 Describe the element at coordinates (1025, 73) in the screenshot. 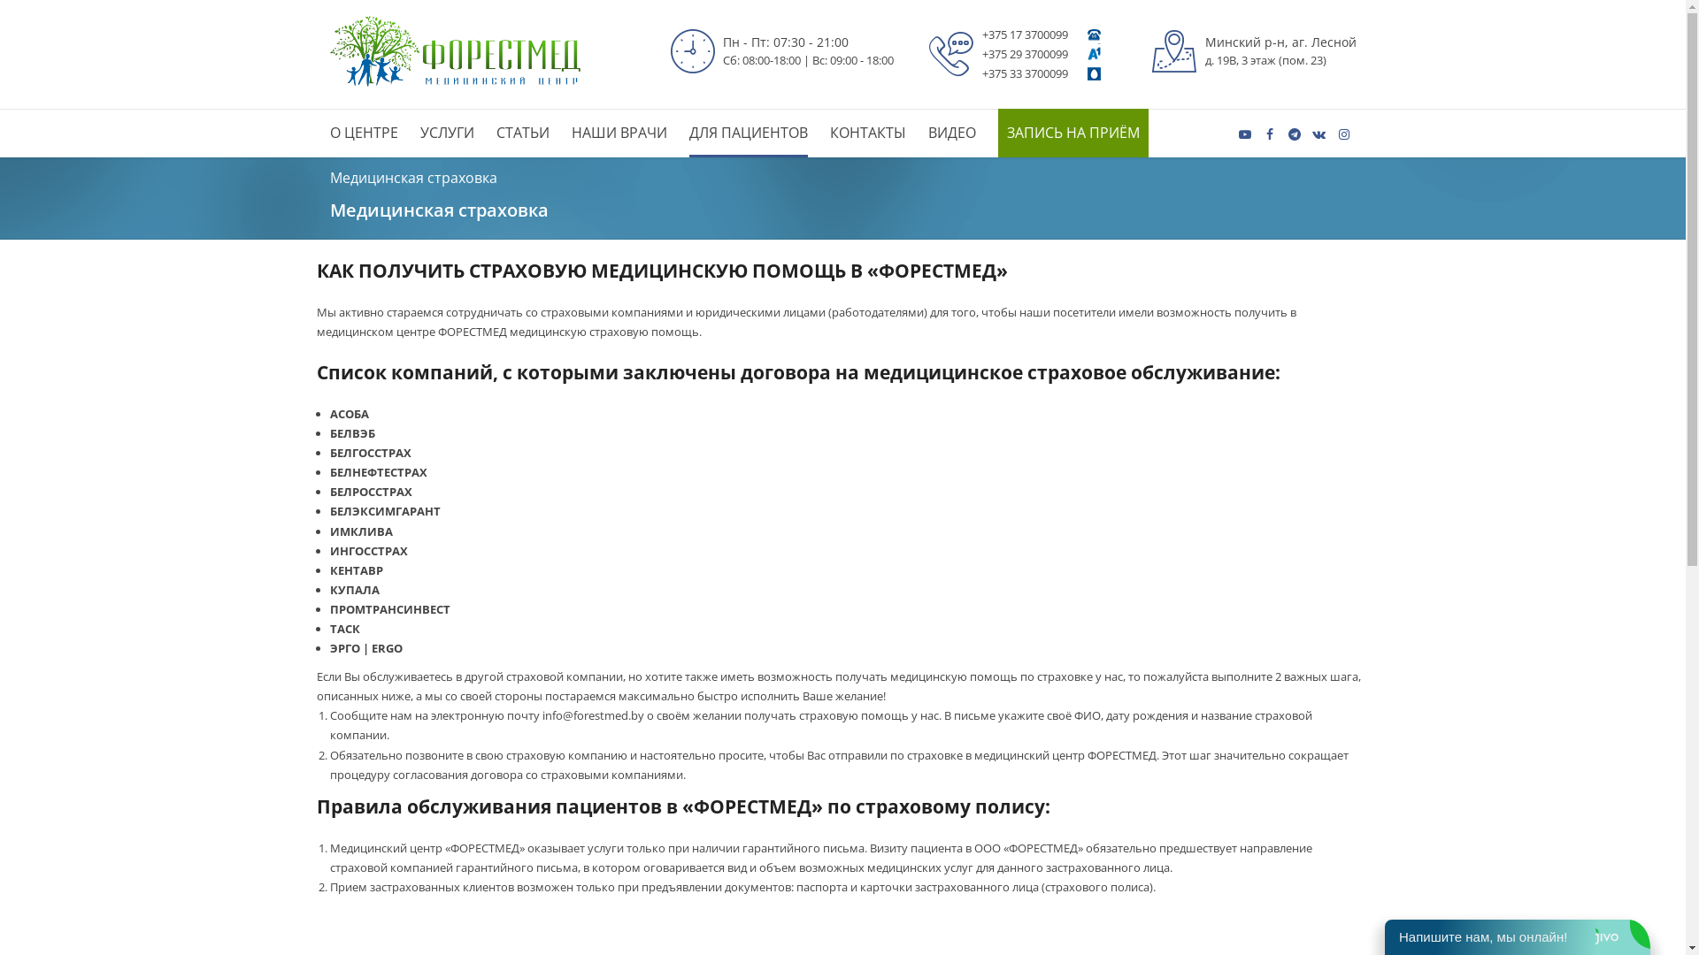

I see `'+375 33 3700099'` at that location.